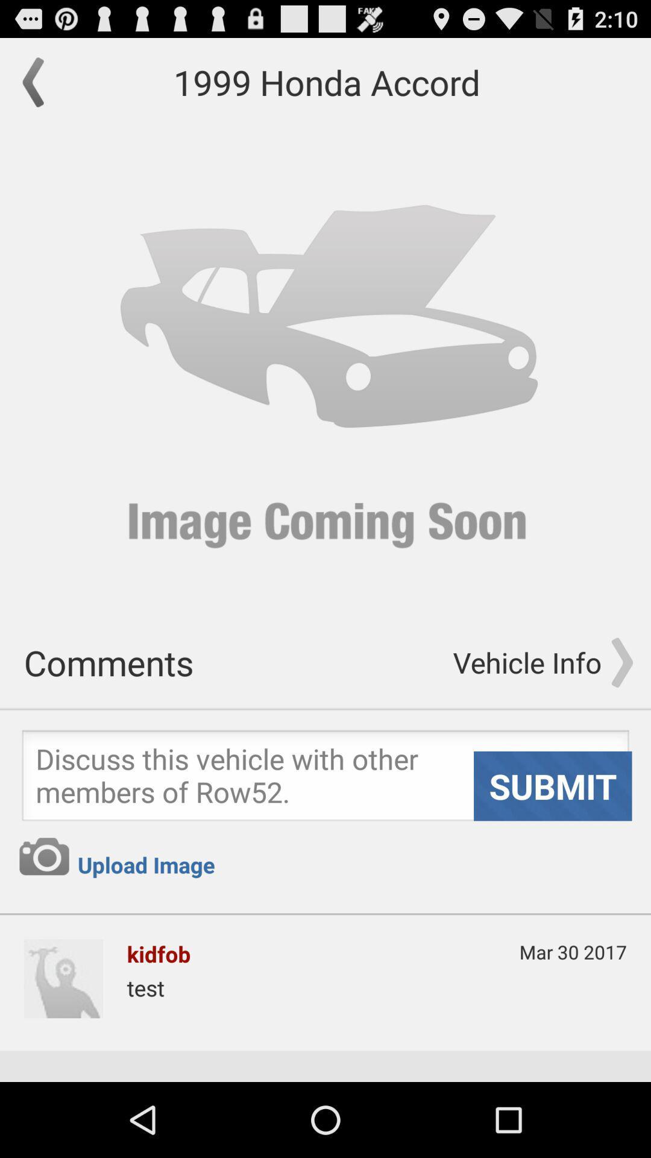 The image size is (651, 1158). I want to click on the arrow_backward icon, so click(39, 87).